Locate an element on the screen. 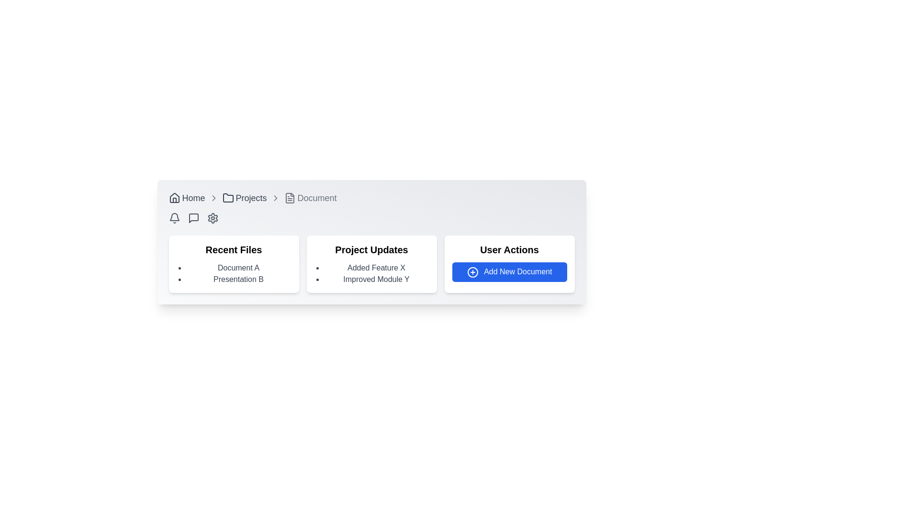  the 'Add New Document' button with white text on a blue background to initiate adding a new document is located at coordinates (509, 272).